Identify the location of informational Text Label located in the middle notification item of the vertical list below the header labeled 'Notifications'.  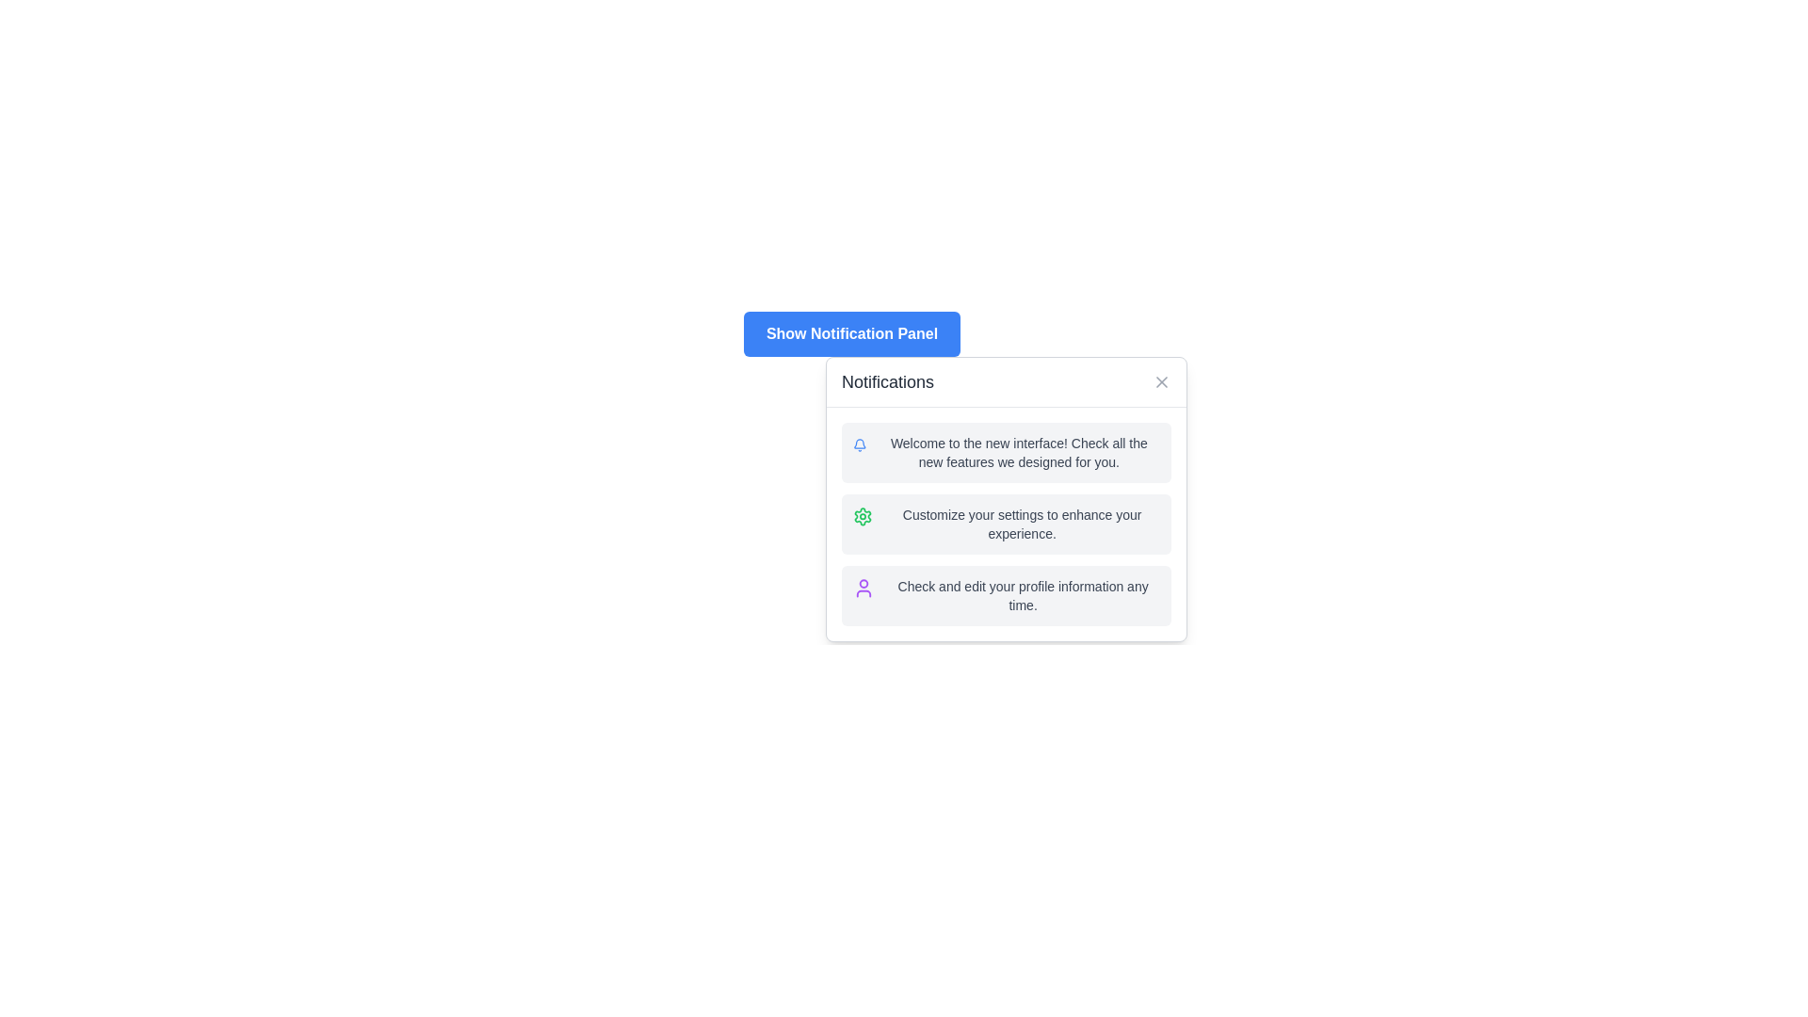
(1021, 524).